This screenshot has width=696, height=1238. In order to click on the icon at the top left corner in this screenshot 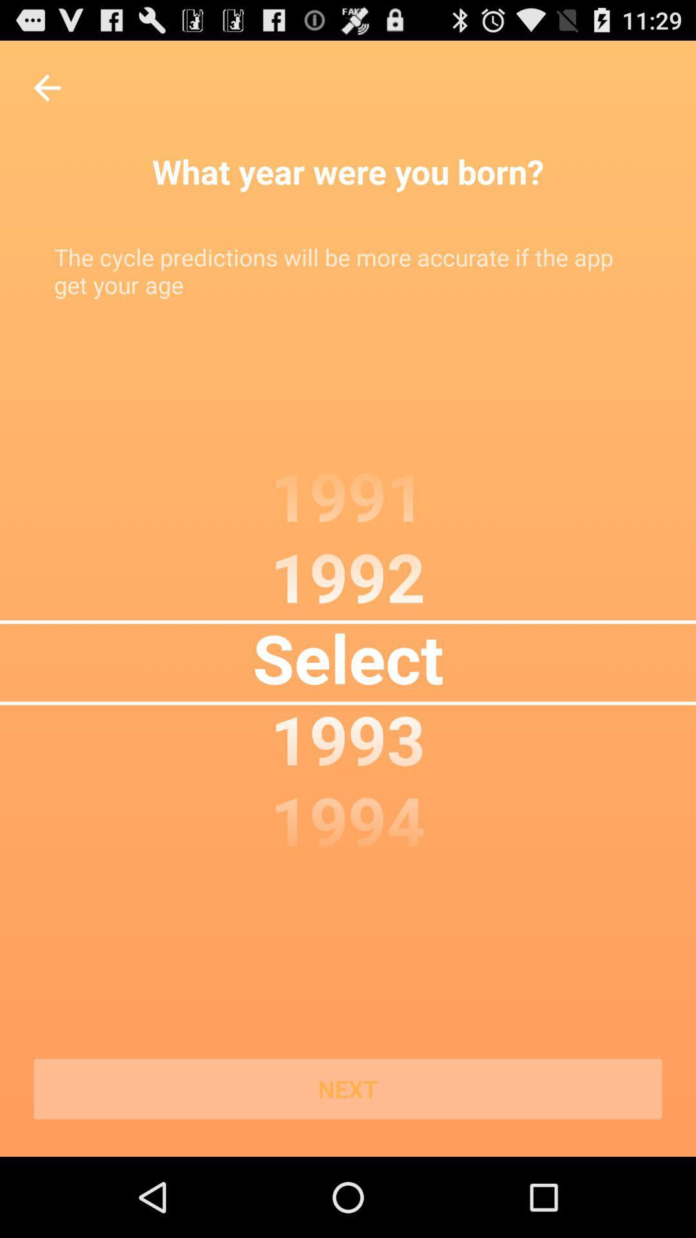, I will do `click(46, 87)`.